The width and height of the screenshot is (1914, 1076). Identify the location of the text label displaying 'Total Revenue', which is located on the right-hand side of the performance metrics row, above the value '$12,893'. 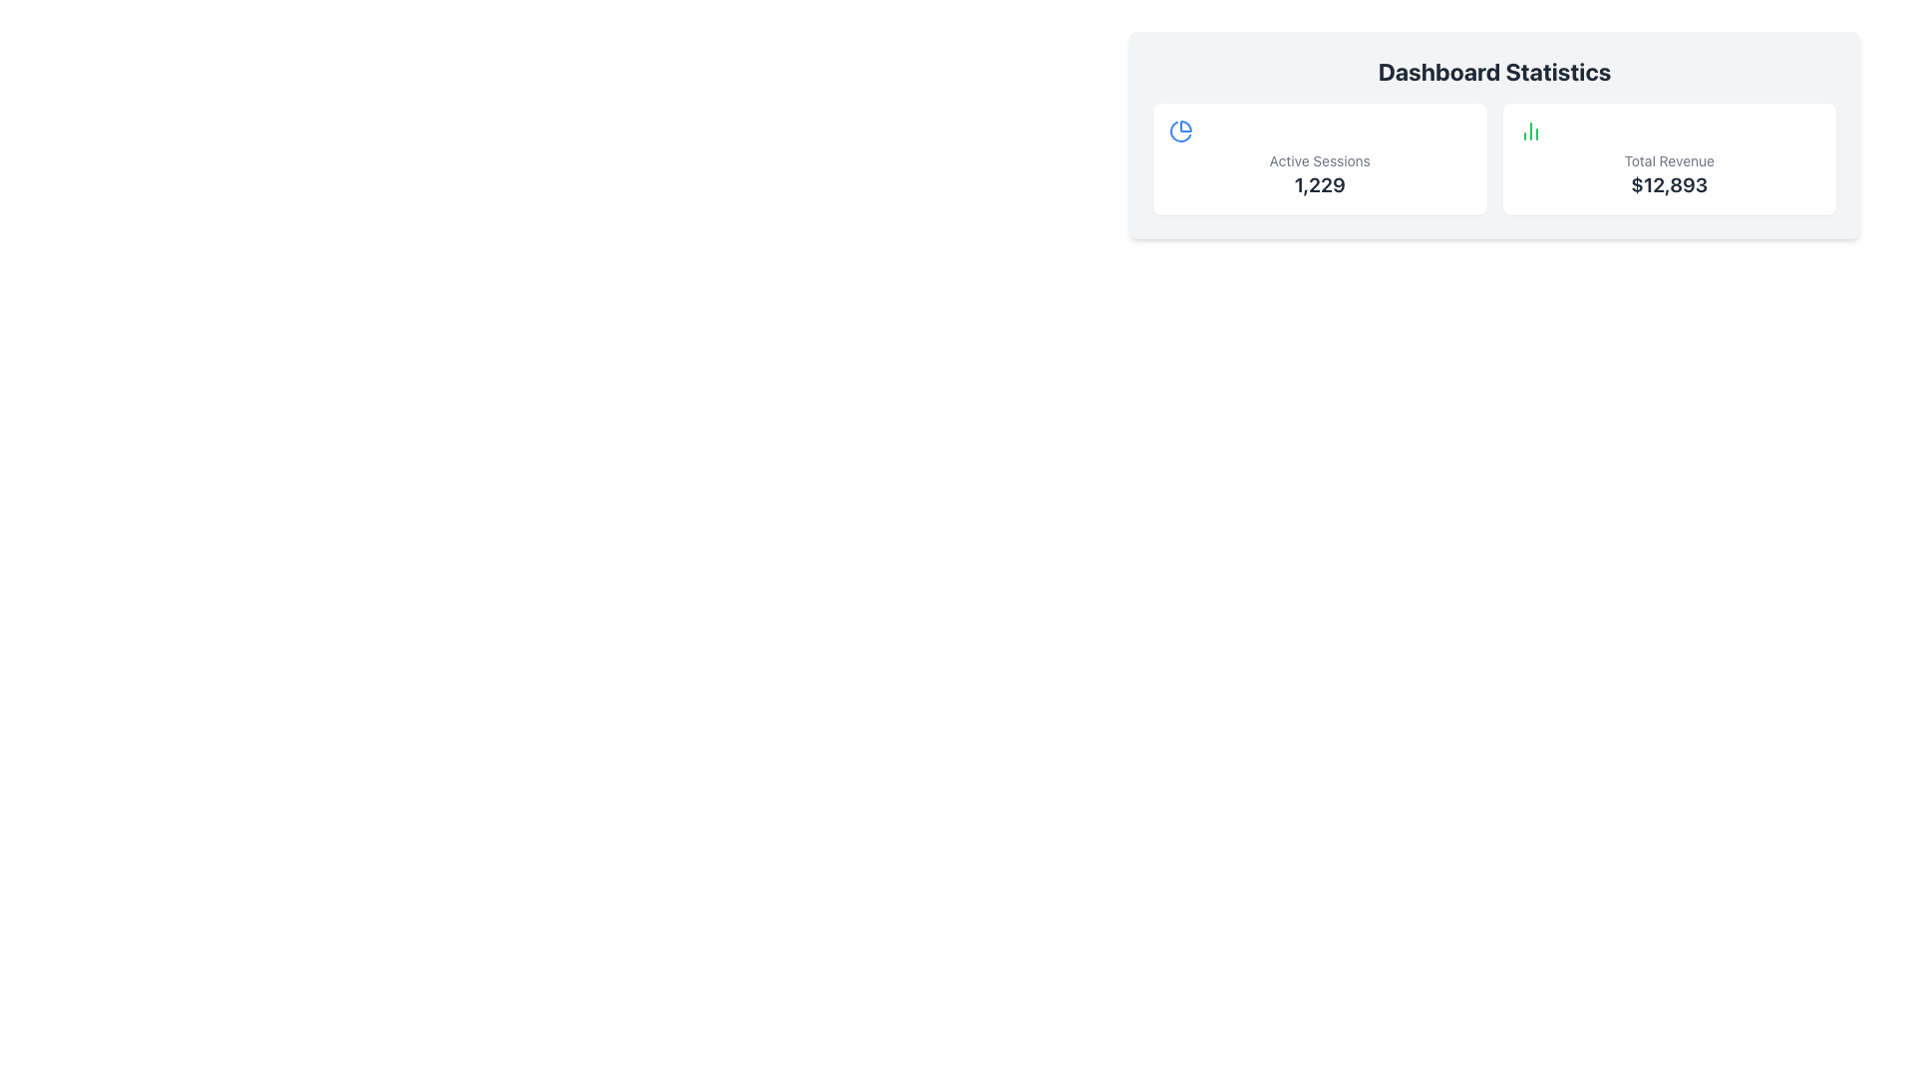
(1669, 160).